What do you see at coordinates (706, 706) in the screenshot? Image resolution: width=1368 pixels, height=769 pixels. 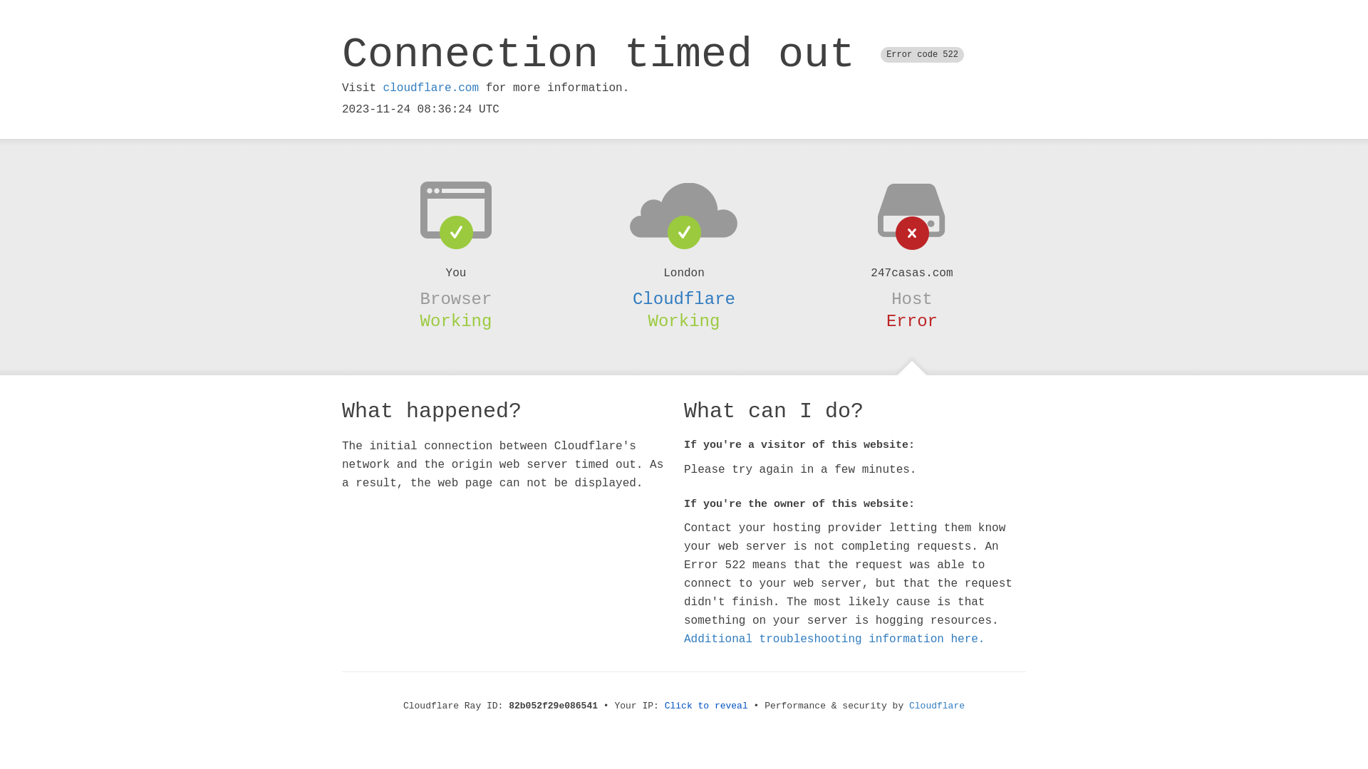 I see `'Click to reveal'` at bounding box center [706, 706].